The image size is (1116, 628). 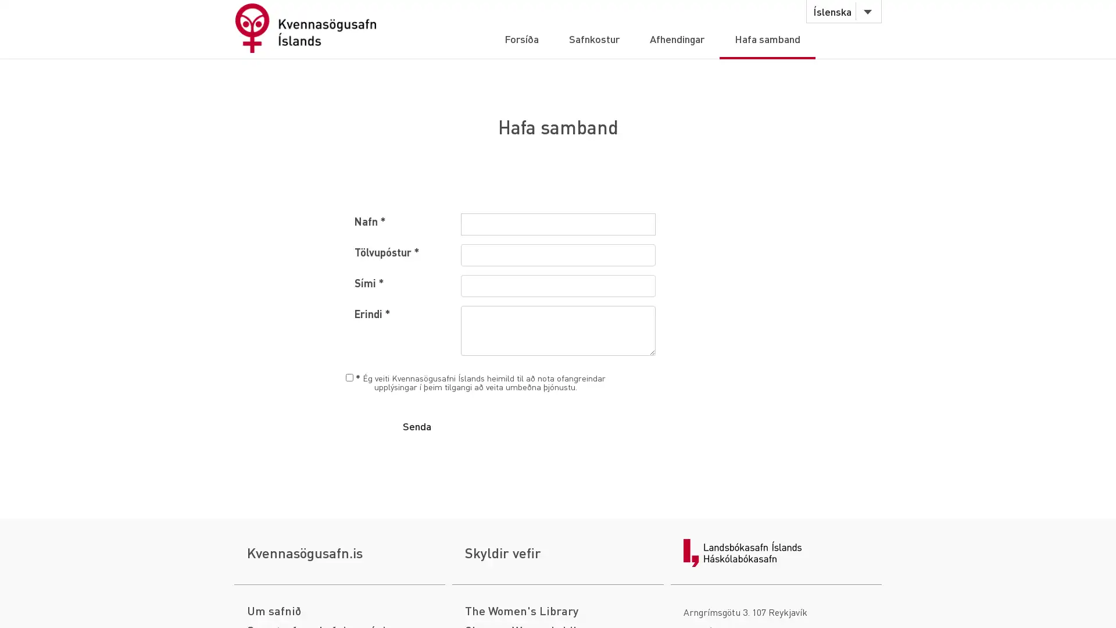 What do you see at coordinates (416, 426) in the screenshot?
I see `Senda` at bounding box center [416, 426].